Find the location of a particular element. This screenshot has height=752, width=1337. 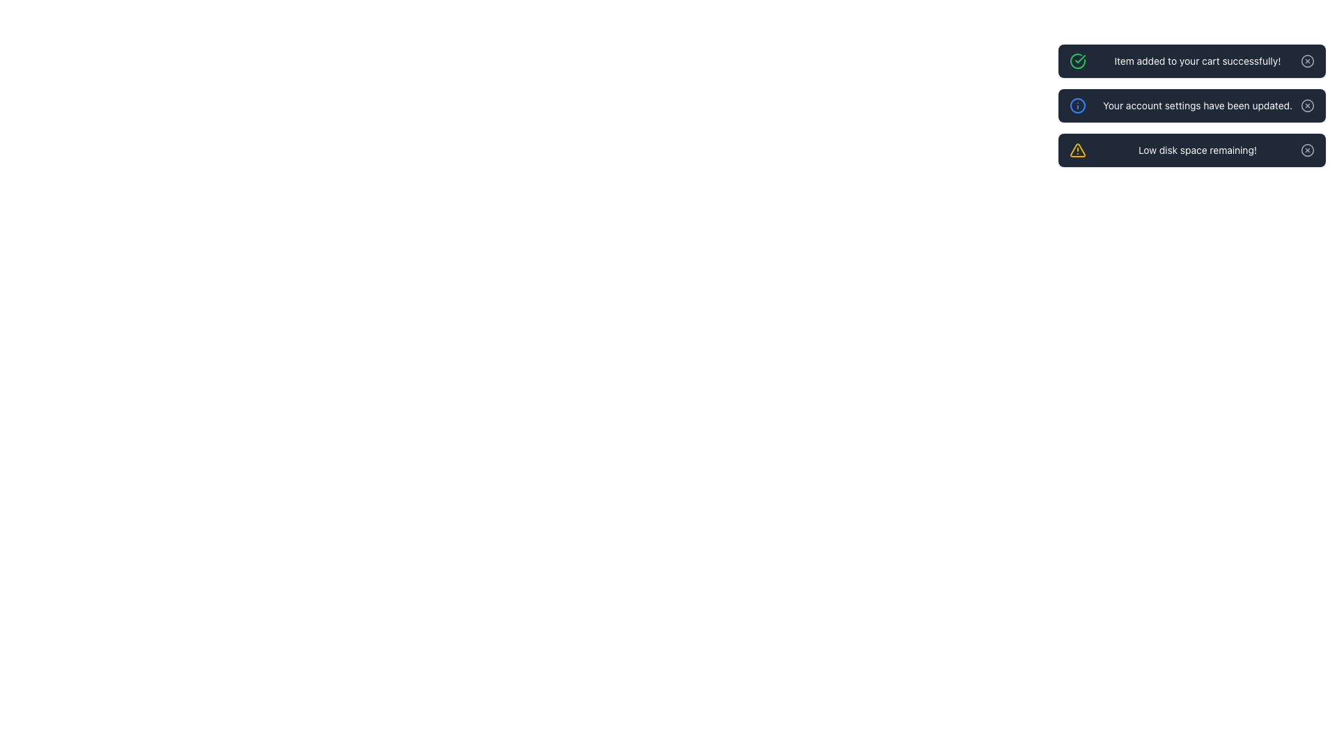

the third notification in the top-right corner with the message 'Low disk space remaining!' for additional information is located at coordinates (1191, 150).